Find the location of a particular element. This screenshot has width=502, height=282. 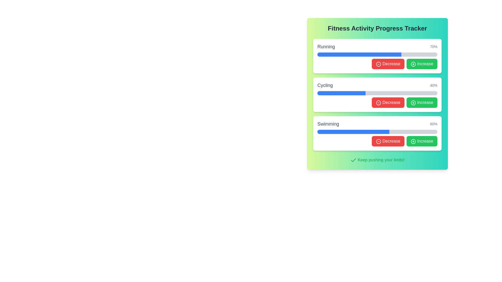

the red button labeled 'Decrease' with a minus sign icon to trigger a tooltip or visual response is located at coordinates (388, 103).